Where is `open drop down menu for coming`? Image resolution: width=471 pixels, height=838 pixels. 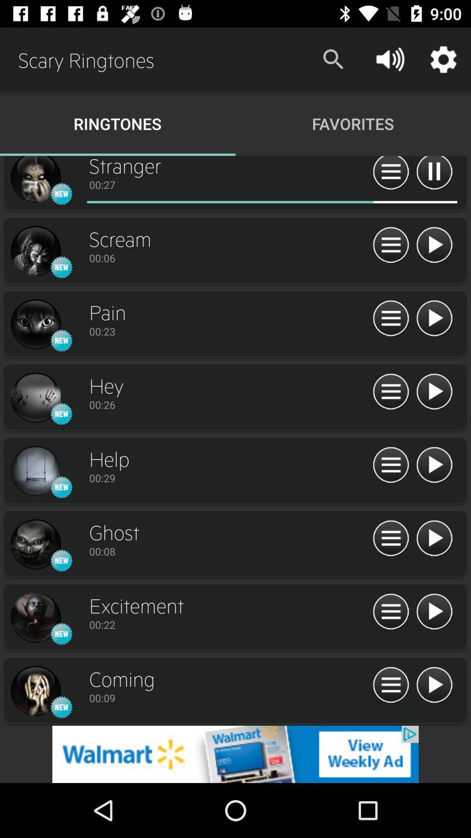
open drop down menu for coming is located at coordinates (390, 685).